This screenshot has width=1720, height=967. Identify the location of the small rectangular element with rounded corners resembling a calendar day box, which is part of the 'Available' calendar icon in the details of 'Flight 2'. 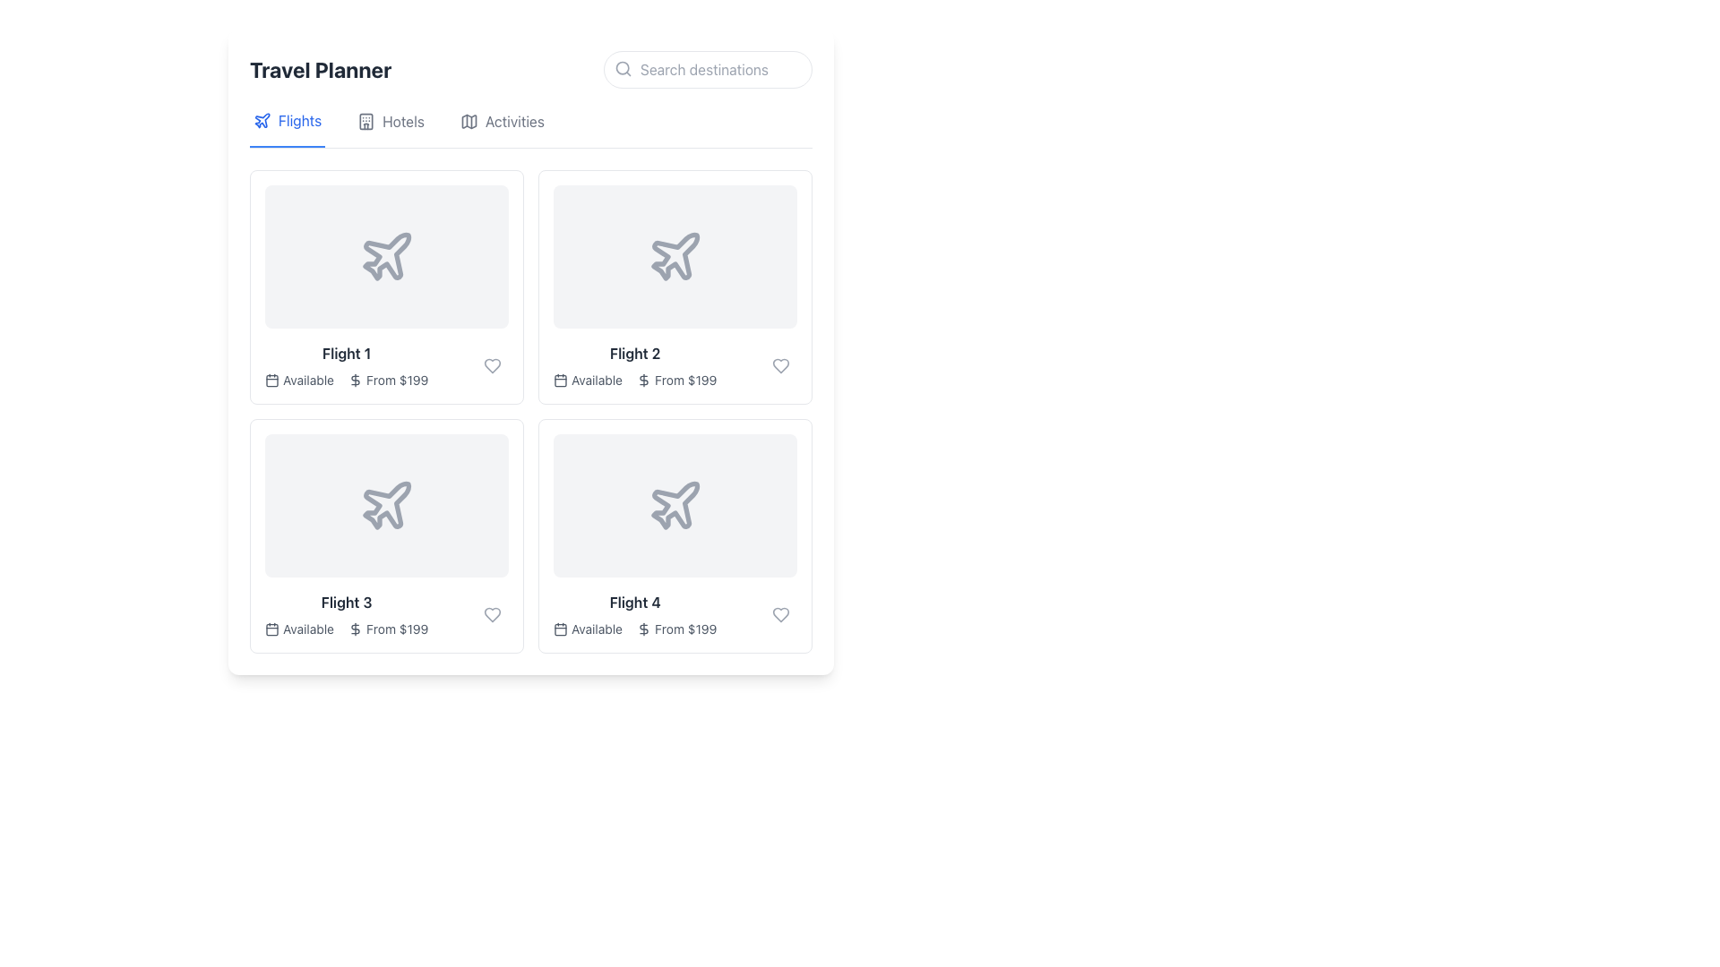
(559, 379).